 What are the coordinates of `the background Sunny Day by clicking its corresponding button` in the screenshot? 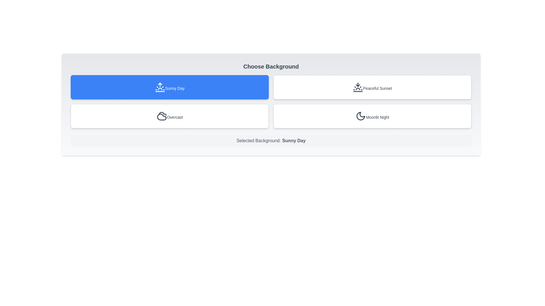 It's located at (169, 87).